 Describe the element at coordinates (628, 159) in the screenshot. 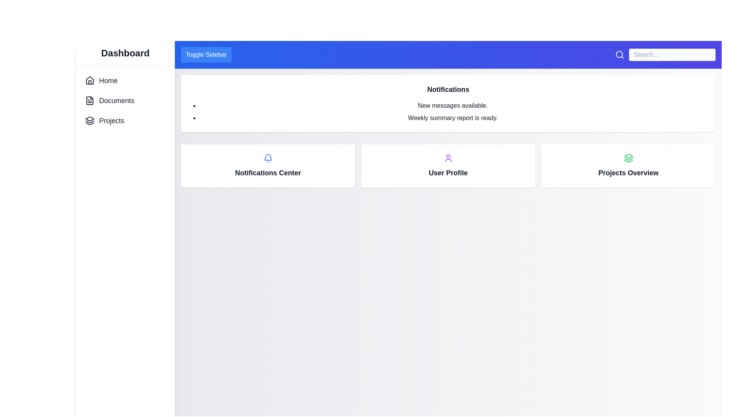

I see `the middle layer of the SVG graphic, which is a greenish curved polygon positioned in the Projects Overview section at the top-right corner` at that location.